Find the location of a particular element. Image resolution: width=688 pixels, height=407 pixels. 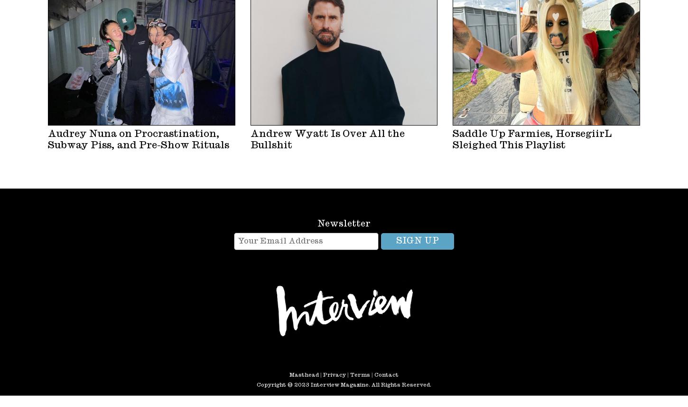

'Audrey Nuna on Procrastination, Subway Piss, and Pre-Show Rituals' is located at coordinates (48, 139).